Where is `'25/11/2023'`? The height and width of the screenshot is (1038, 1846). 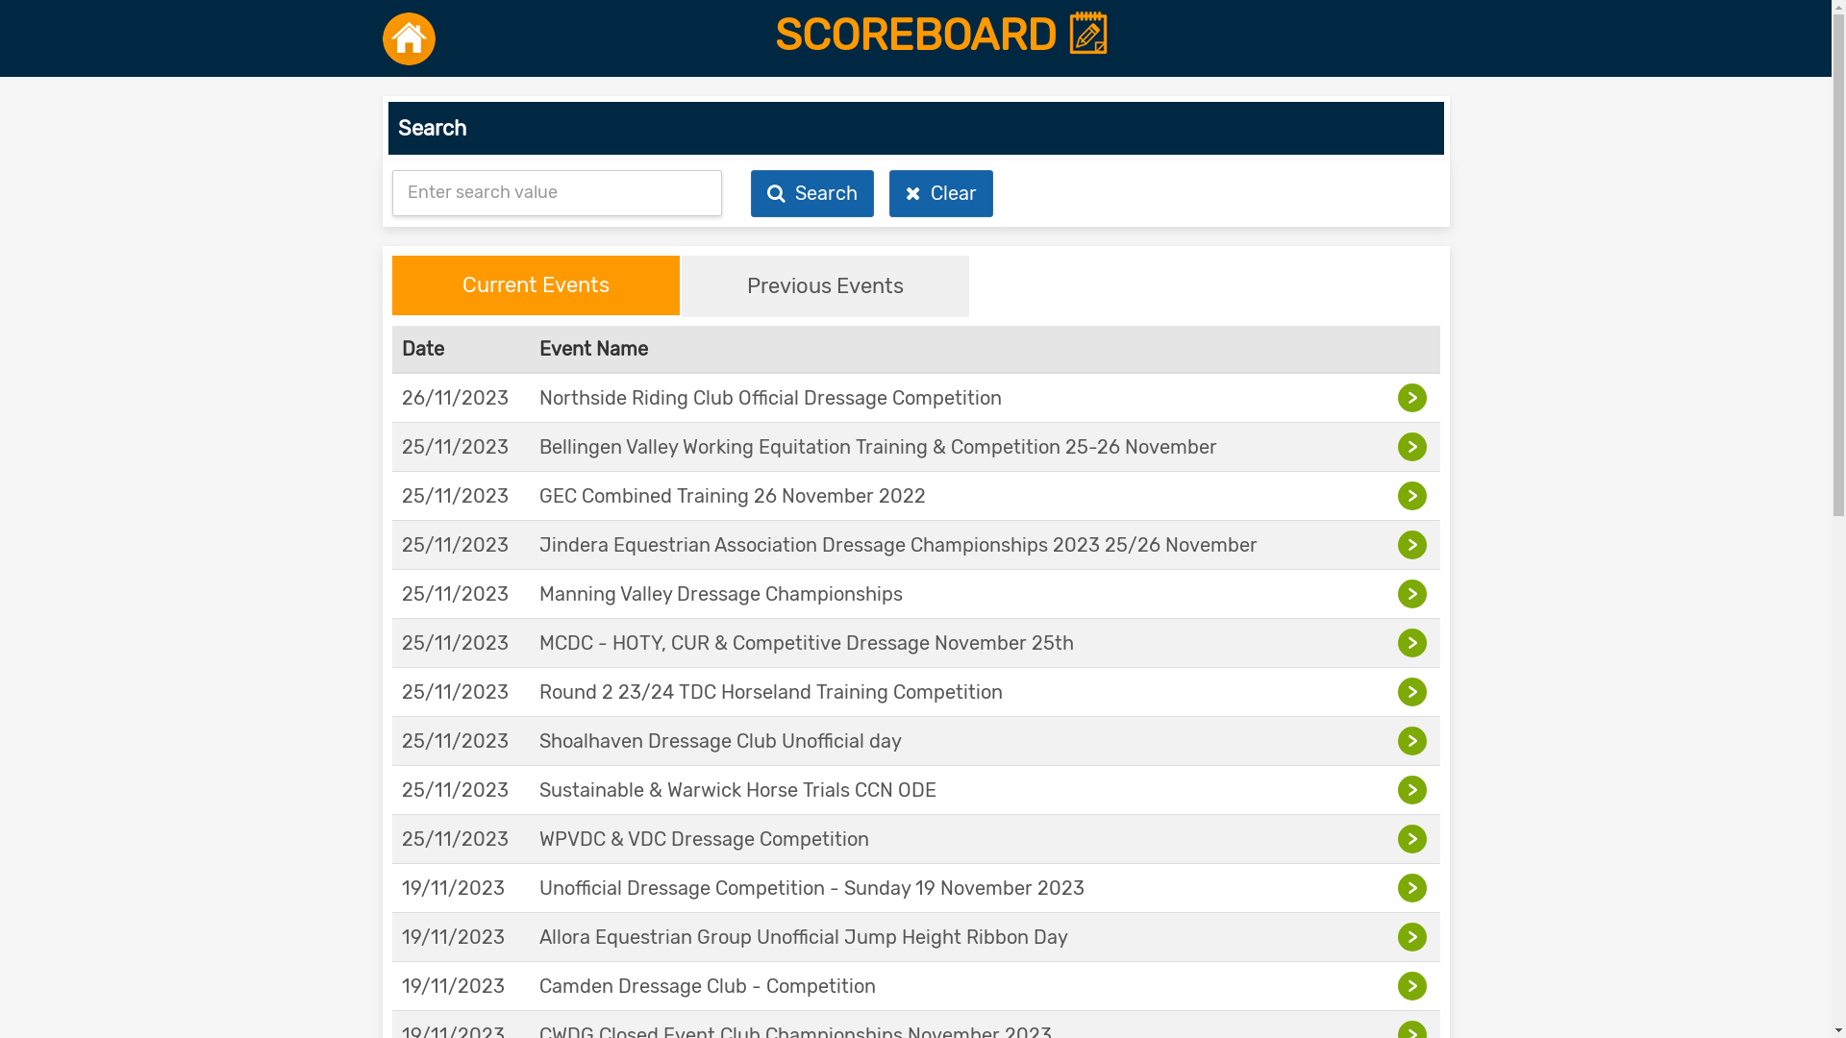 '25/11/2023' is located at coordinates (454, 447).